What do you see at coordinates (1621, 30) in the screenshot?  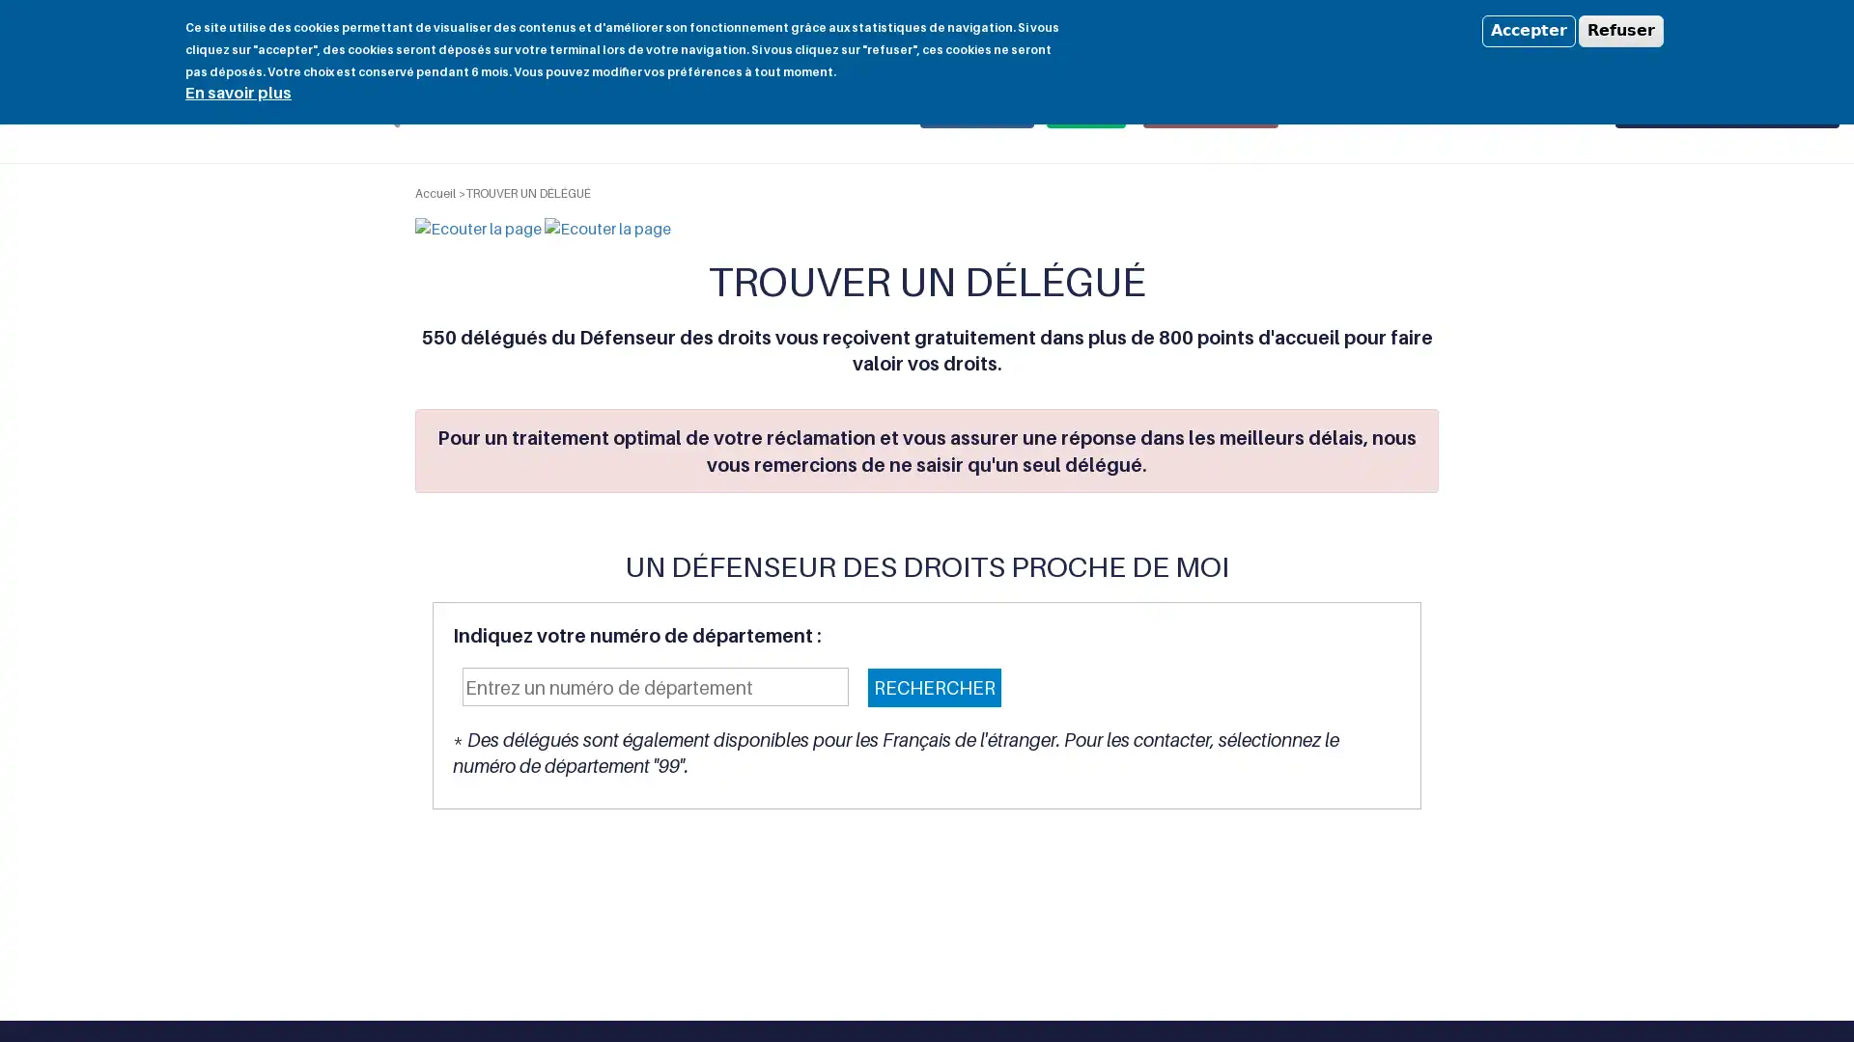 I see `Refuser` at bounding box center [1621, 30].